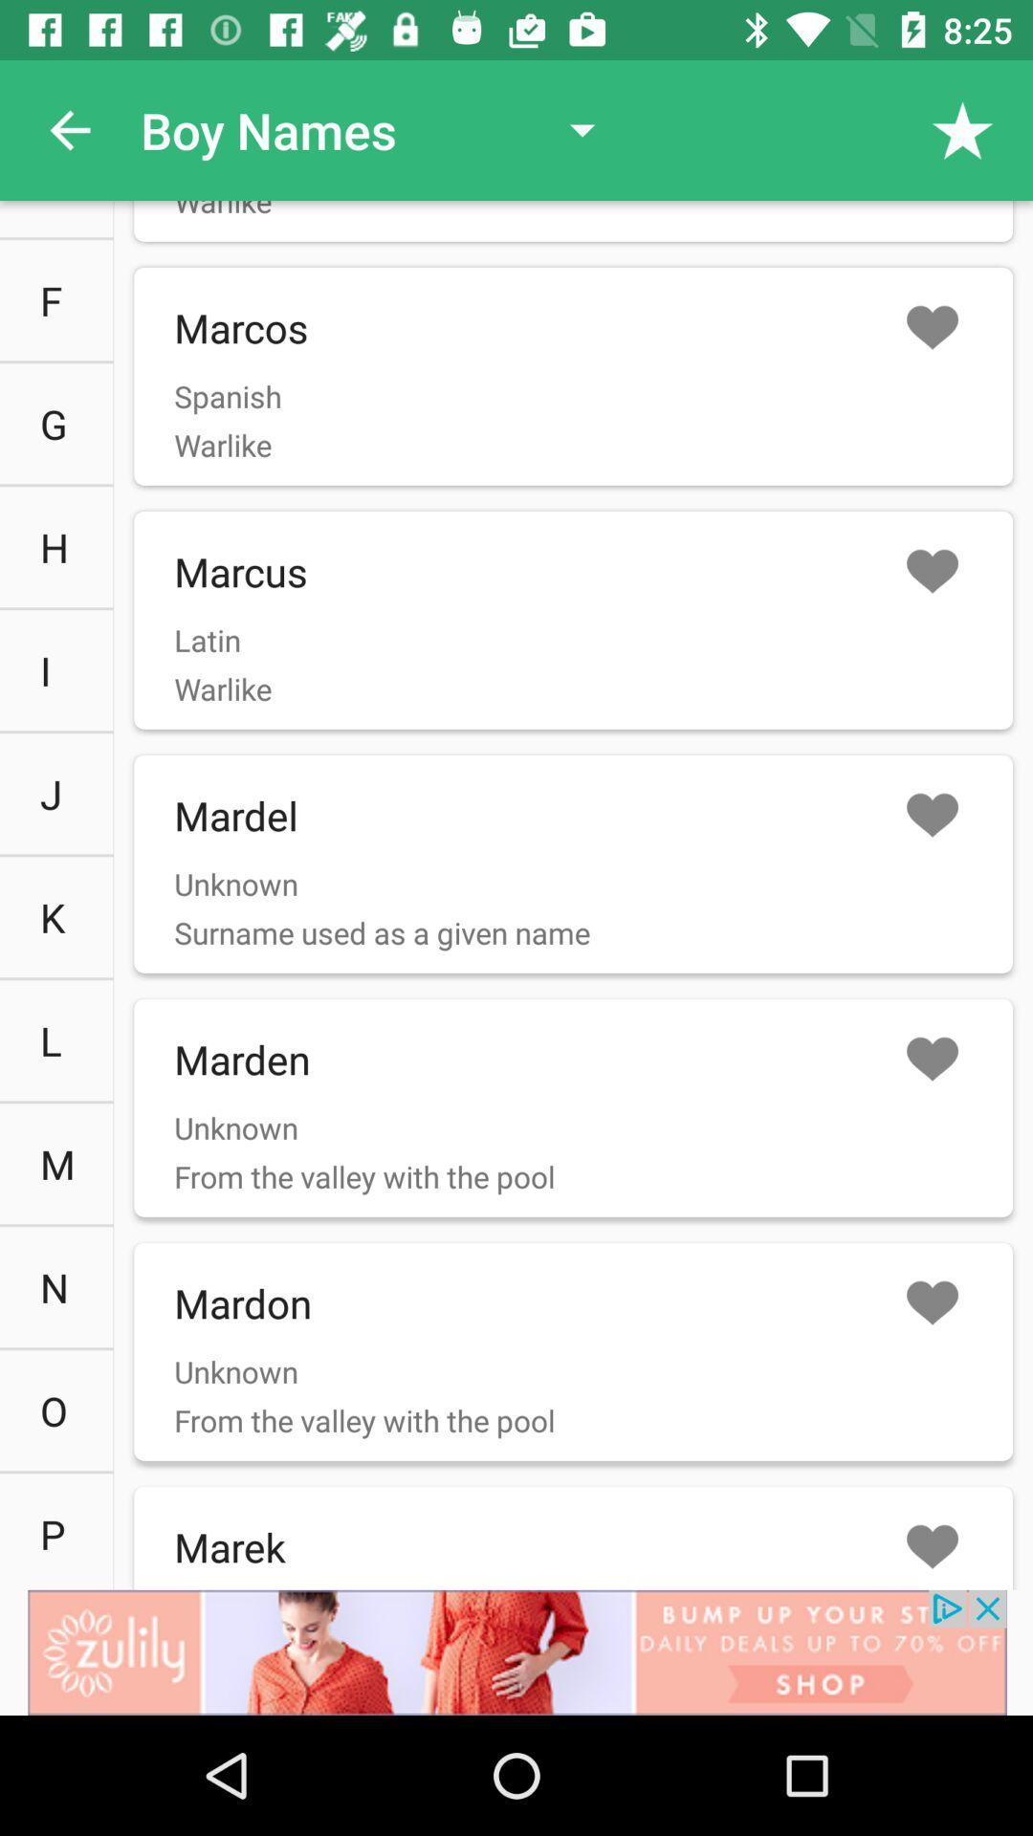 The width and height of the screenshot is (1033, 1836). Describe the element at coordinates (516, 1651) in the screenshot. I see `advertisement` at that location.